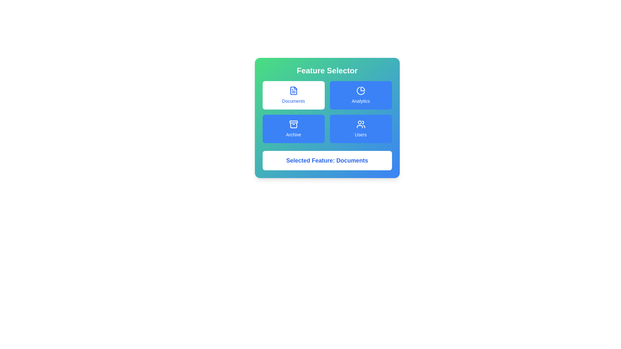  Describe the element at coordinates (360, 91) in the screenshot. I see `the 'Analytics' icon located in the top-right quadrant of the 'Feature Selector' interface, which serves as a visual cue for users to select the 'Analytics' option` at that location.